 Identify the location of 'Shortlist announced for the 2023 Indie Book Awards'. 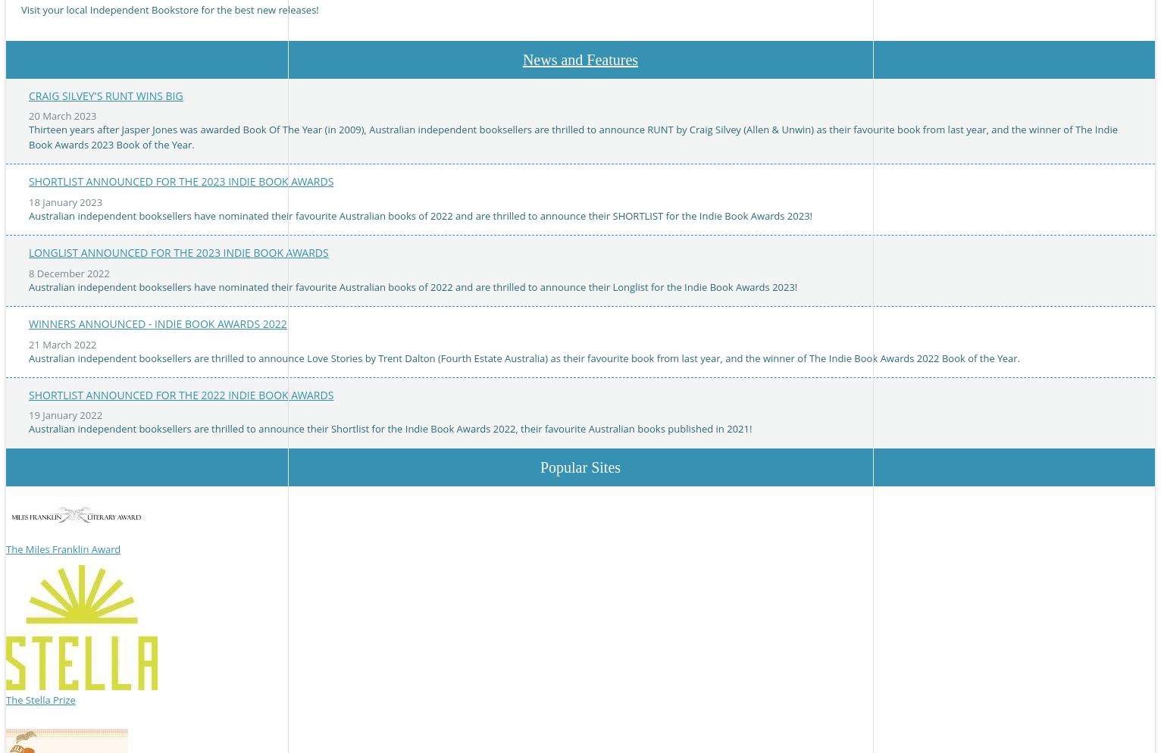
(180, 181).